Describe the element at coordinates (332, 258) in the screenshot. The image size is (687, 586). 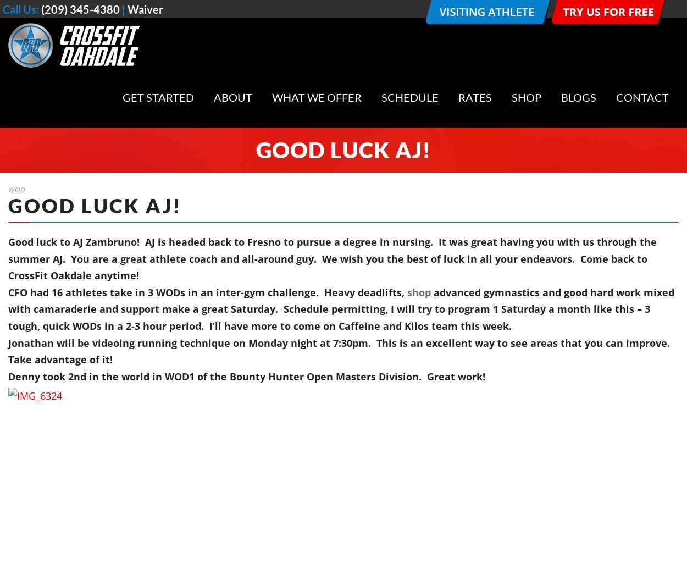
I see `'Good luck to AJ Zambruno!  AJ is headed back to Fresno to pursue a degree in nursing.  It was great having you with us through the summer AJ.  You are a great athlete coach and all-around guy.  We wish you the best of luck in all your endeavors.  Come back to CrossFit Oakdale anytime!'` at that location.